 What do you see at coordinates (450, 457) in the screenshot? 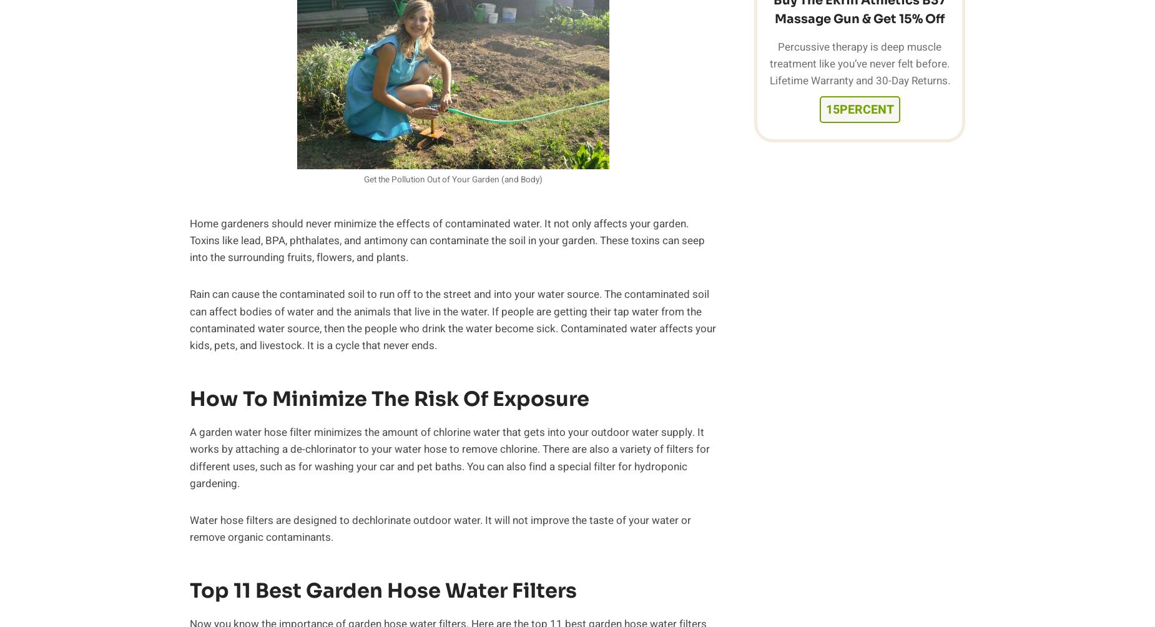
I see `'A garden water hose filter minimizes the amount of chlorine water that gets into your outdoor water supply. It works by attaching a de-chlorinator to your water hose to remove chlorine. There are also a variety of filters for different uses, such as for washing your car and pet baths. You can also find a special filter for hydroponic gardening.'` at bounding box center [450, 457].